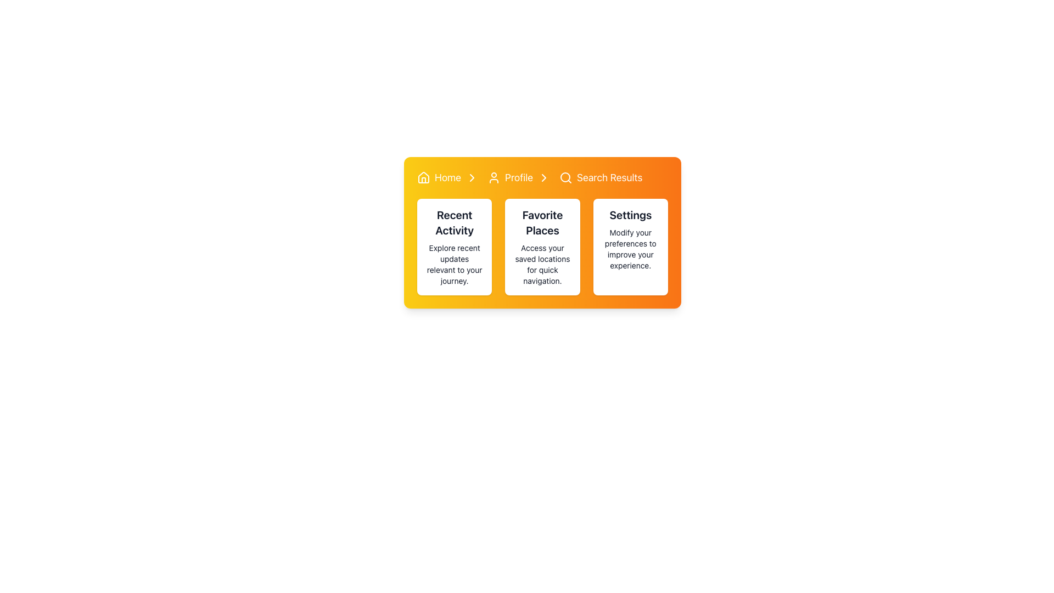 This screenshot has height=593, width=1054. I want to click on the bold 'Settings' text label, which is prominently displayed at the top-center of the third card in a horizontally aligned set of three cards, so click(630, 215).